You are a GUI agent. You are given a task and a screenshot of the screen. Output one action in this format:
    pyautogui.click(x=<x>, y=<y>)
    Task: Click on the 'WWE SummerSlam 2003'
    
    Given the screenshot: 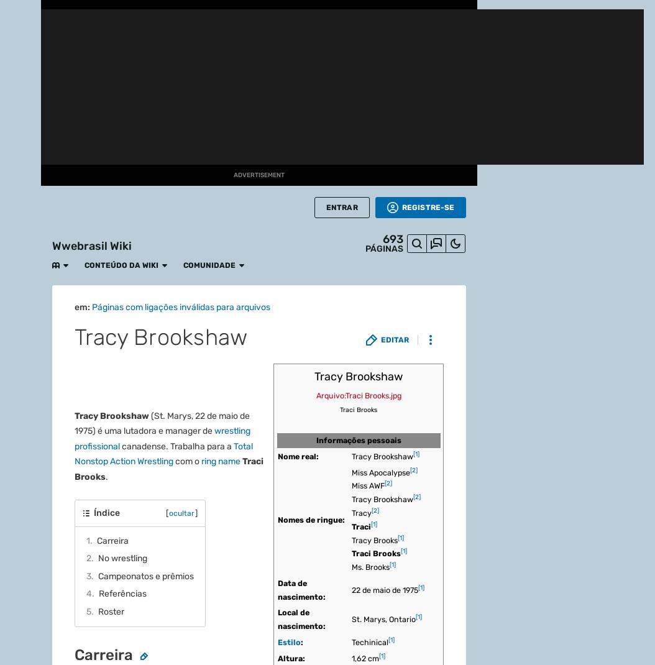 What is the action you would take?
    pyautogui.click(x=355, y=318)
    